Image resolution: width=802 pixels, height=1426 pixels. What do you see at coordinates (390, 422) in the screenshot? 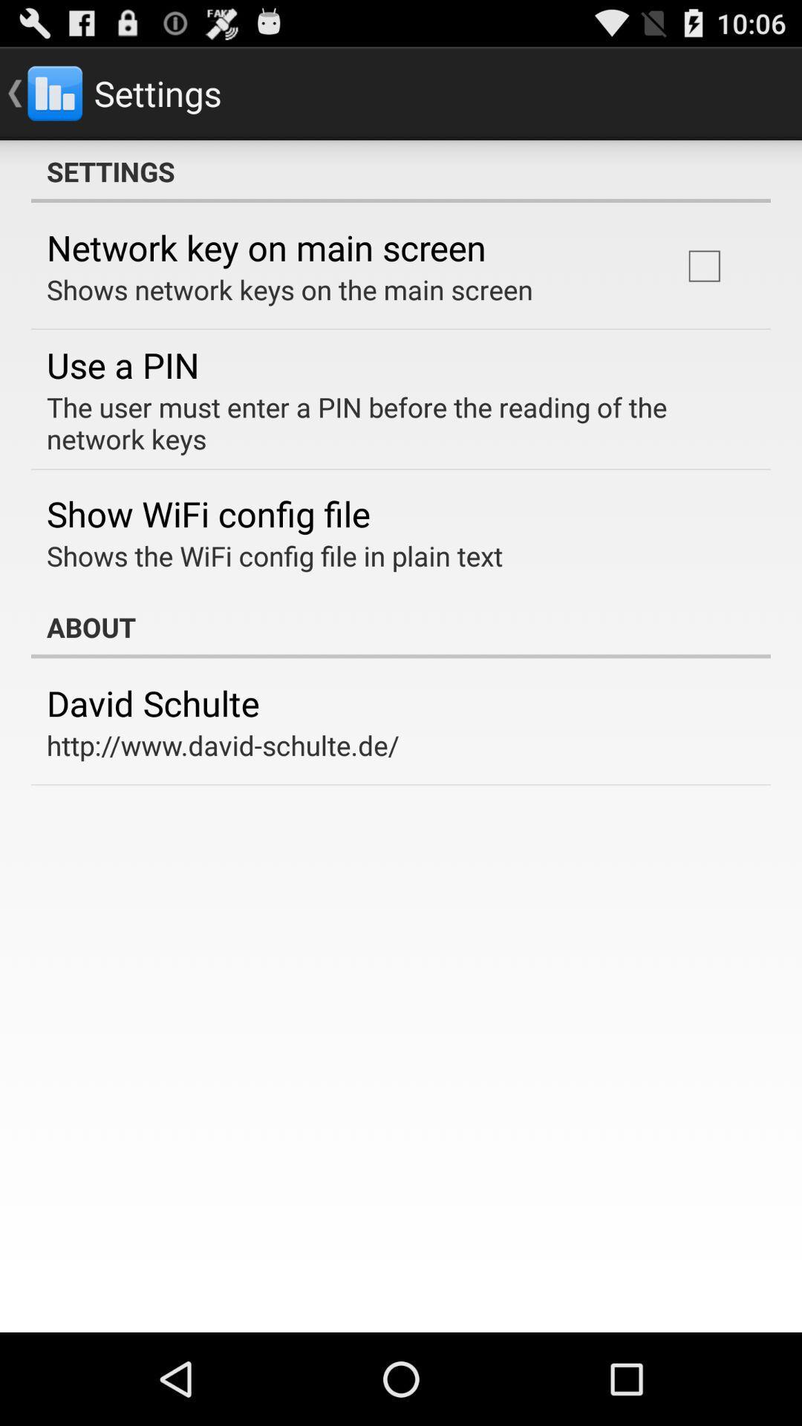
I see `the user must` at bounding box center [390, 422].